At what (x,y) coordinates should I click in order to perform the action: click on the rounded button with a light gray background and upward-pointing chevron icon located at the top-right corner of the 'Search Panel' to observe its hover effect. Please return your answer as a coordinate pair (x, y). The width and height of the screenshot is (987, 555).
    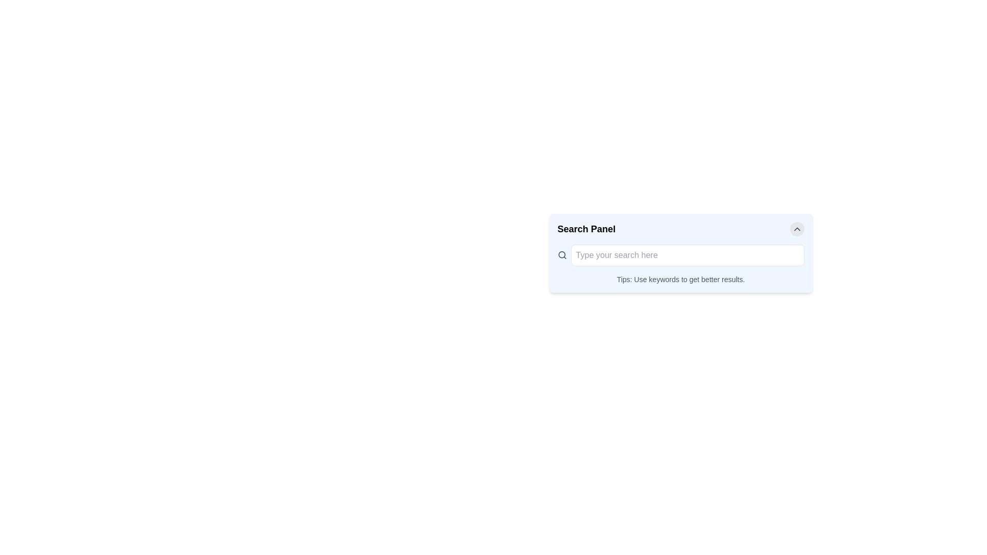
    Looking at the image, I should click on (796, 229).